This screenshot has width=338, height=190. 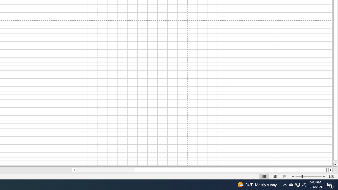 What do you see at coordinates (105, 170) in the screenshot?
I see `'Page left'` at bounding box center [105, 170].